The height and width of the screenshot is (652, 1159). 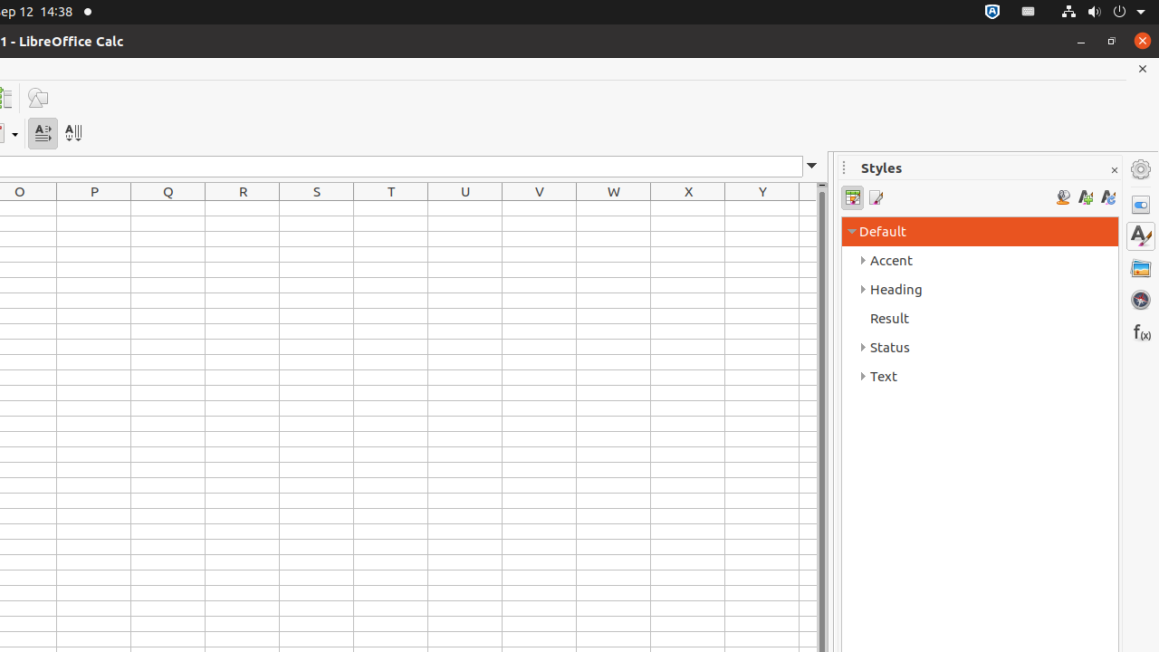 I want to click on 'Text direction from top to bottom', so click(x=72, y=132).